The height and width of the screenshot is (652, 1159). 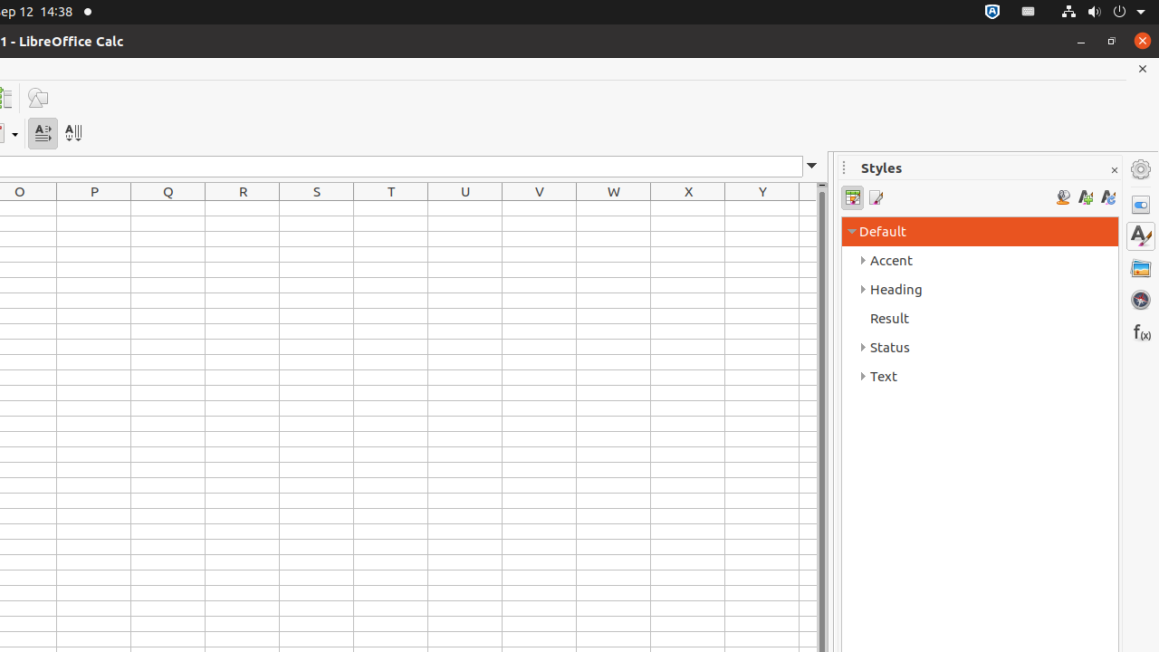 I want to click on 'Text direction from top to bottom', so click(x=72, y=132).